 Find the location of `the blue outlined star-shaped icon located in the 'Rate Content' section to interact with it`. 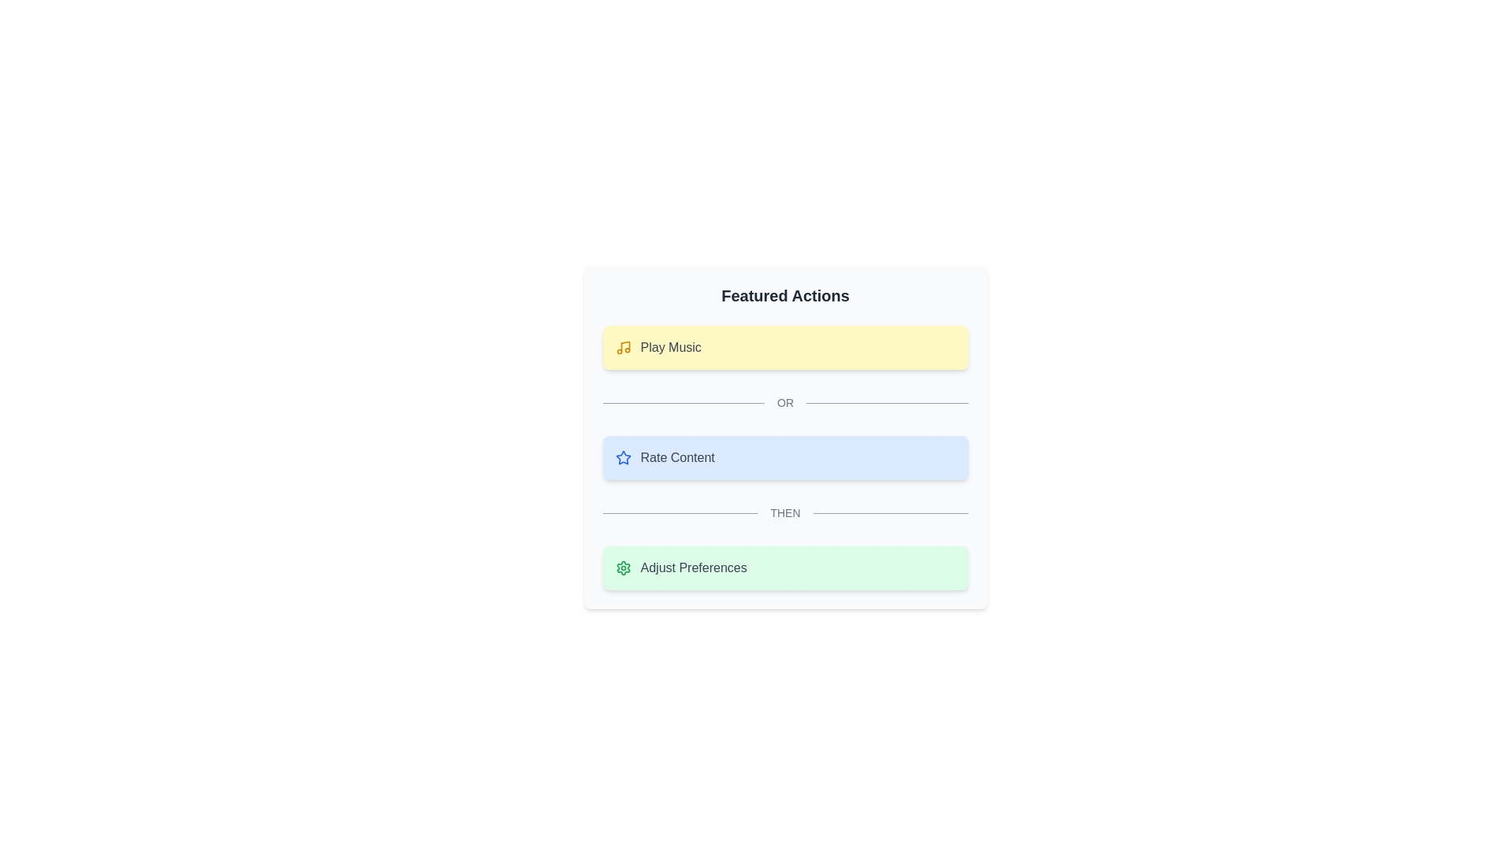

the blue outlined star-shaped icon located in the 'Rate Content' section to interact with it is located at coordinates (622, 457).